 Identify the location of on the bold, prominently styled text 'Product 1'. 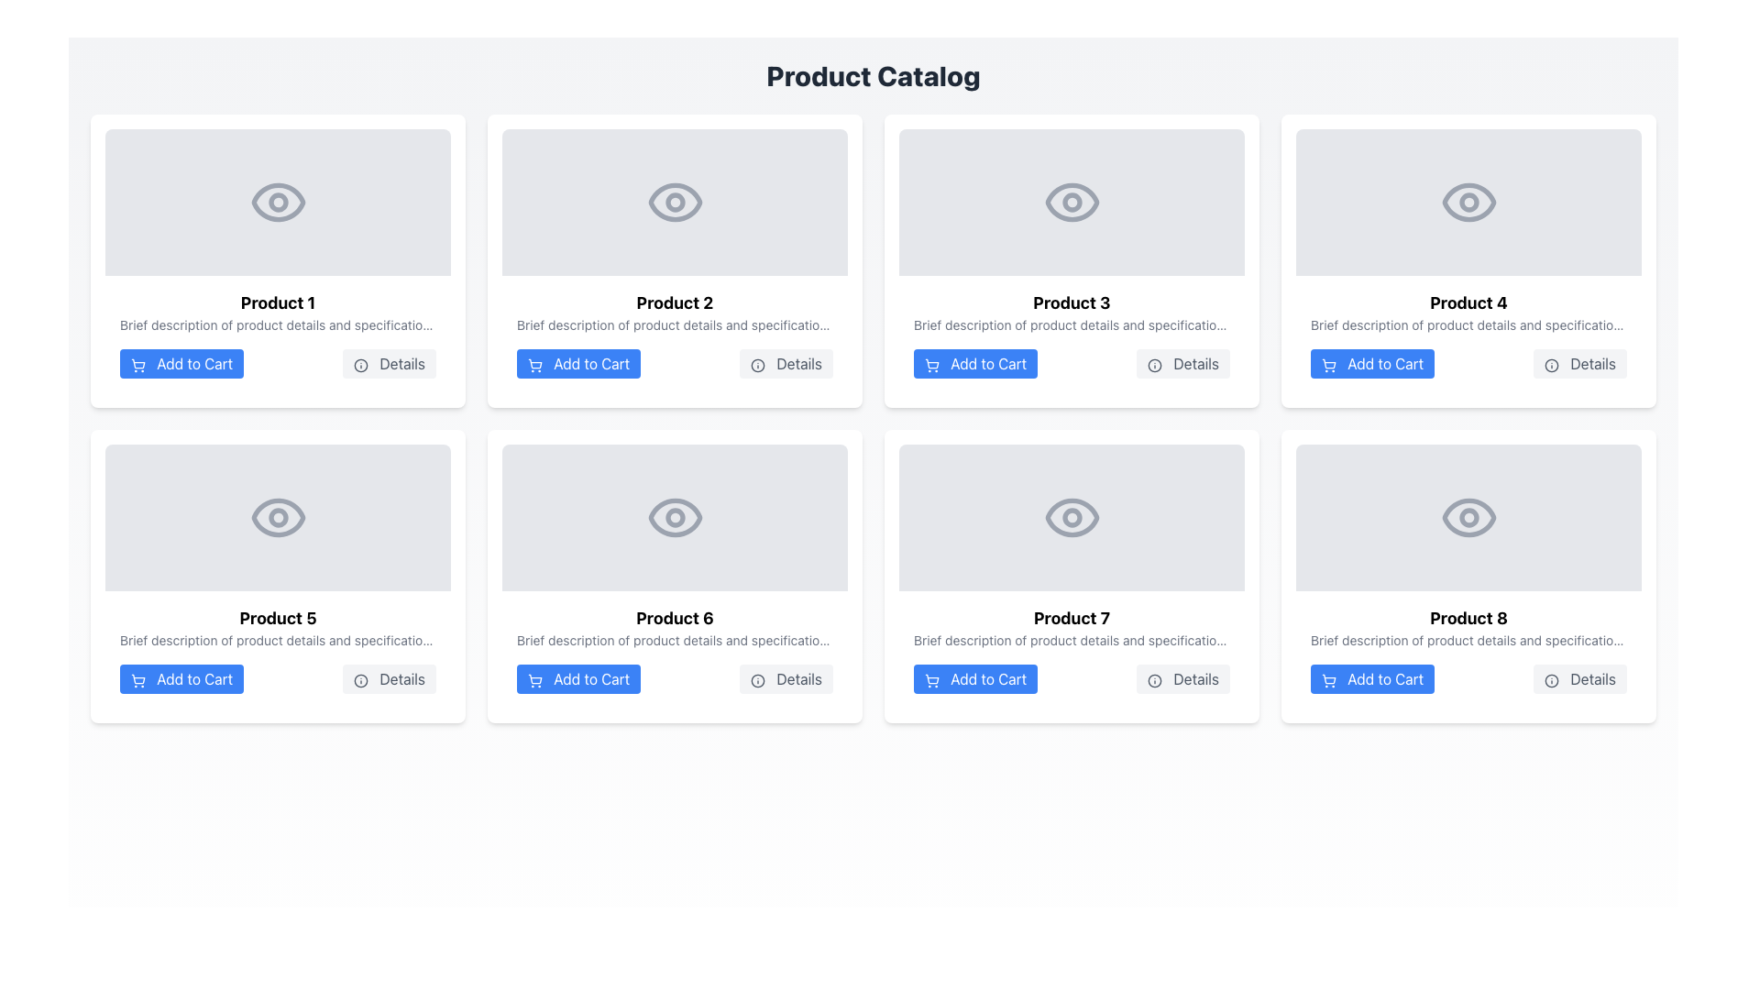
(277, 302).